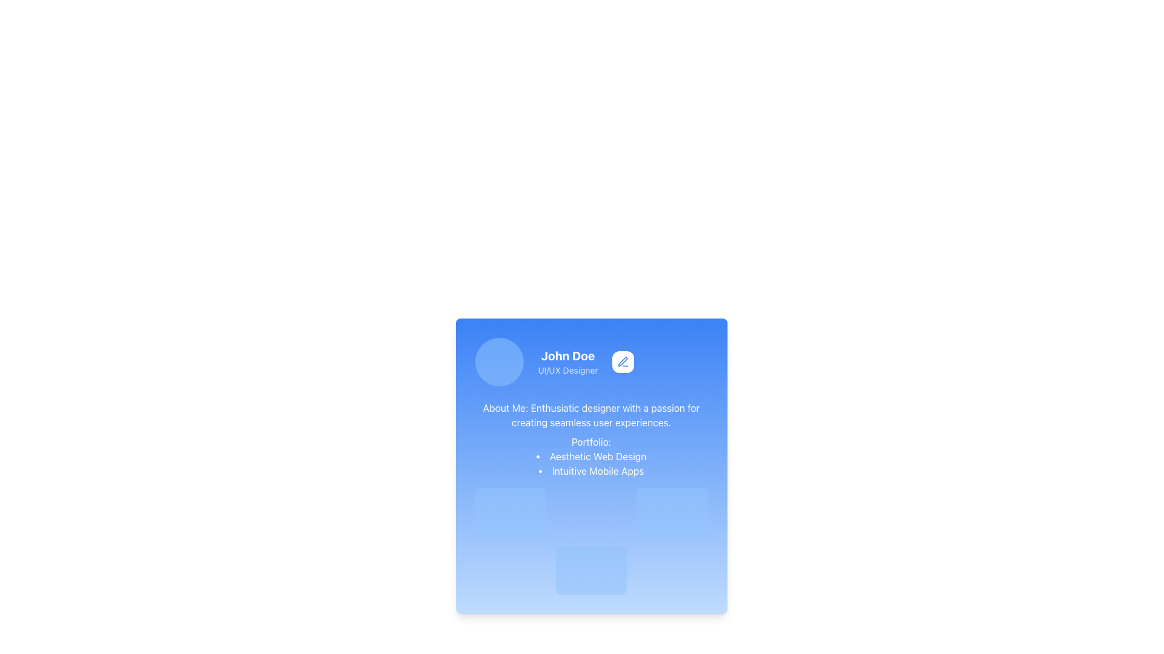  Describe the element at coordinates (591, 471) in the screenshot. I see `the second item text in the bullet list` at that location.